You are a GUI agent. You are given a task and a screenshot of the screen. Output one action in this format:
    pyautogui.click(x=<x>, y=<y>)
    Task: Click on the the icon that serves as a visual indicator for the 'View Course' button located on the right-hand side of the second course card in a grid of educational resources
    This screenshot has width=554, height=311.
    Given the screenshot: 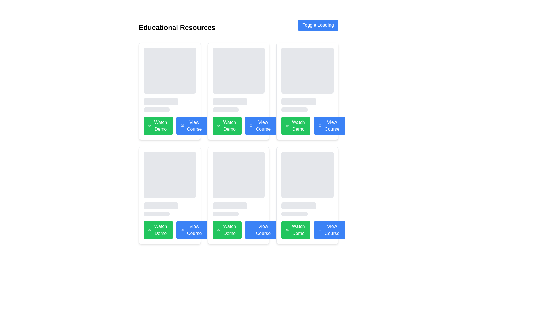 What is the action you would take?
    pyautogui.click(x=251, y=125)
    